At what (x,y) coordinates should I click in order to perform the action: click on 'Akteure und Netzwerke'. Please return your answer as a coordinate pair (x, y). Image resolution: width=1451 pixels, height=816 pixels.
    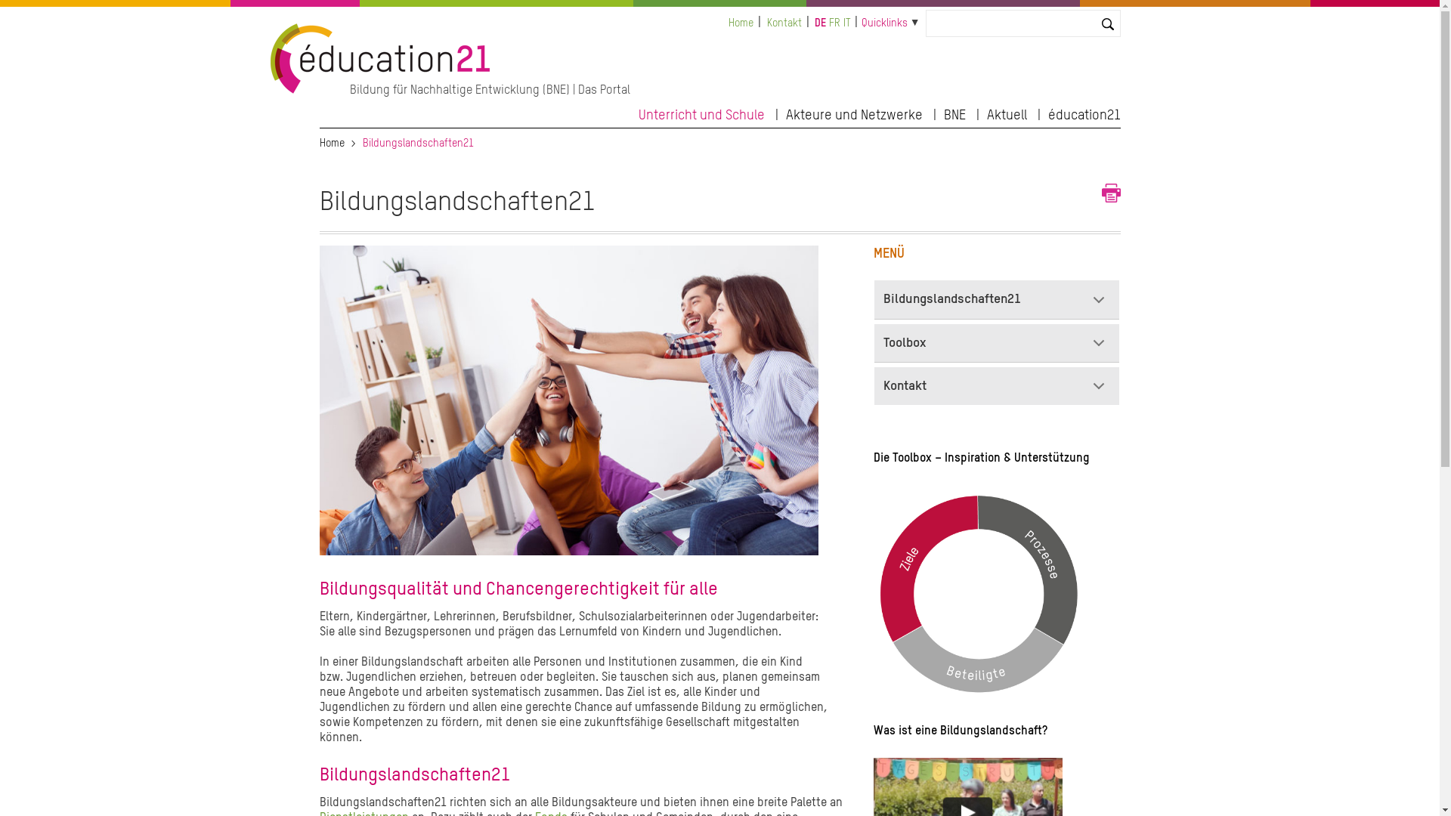
    Looking at the image, I should click on (786, 112).